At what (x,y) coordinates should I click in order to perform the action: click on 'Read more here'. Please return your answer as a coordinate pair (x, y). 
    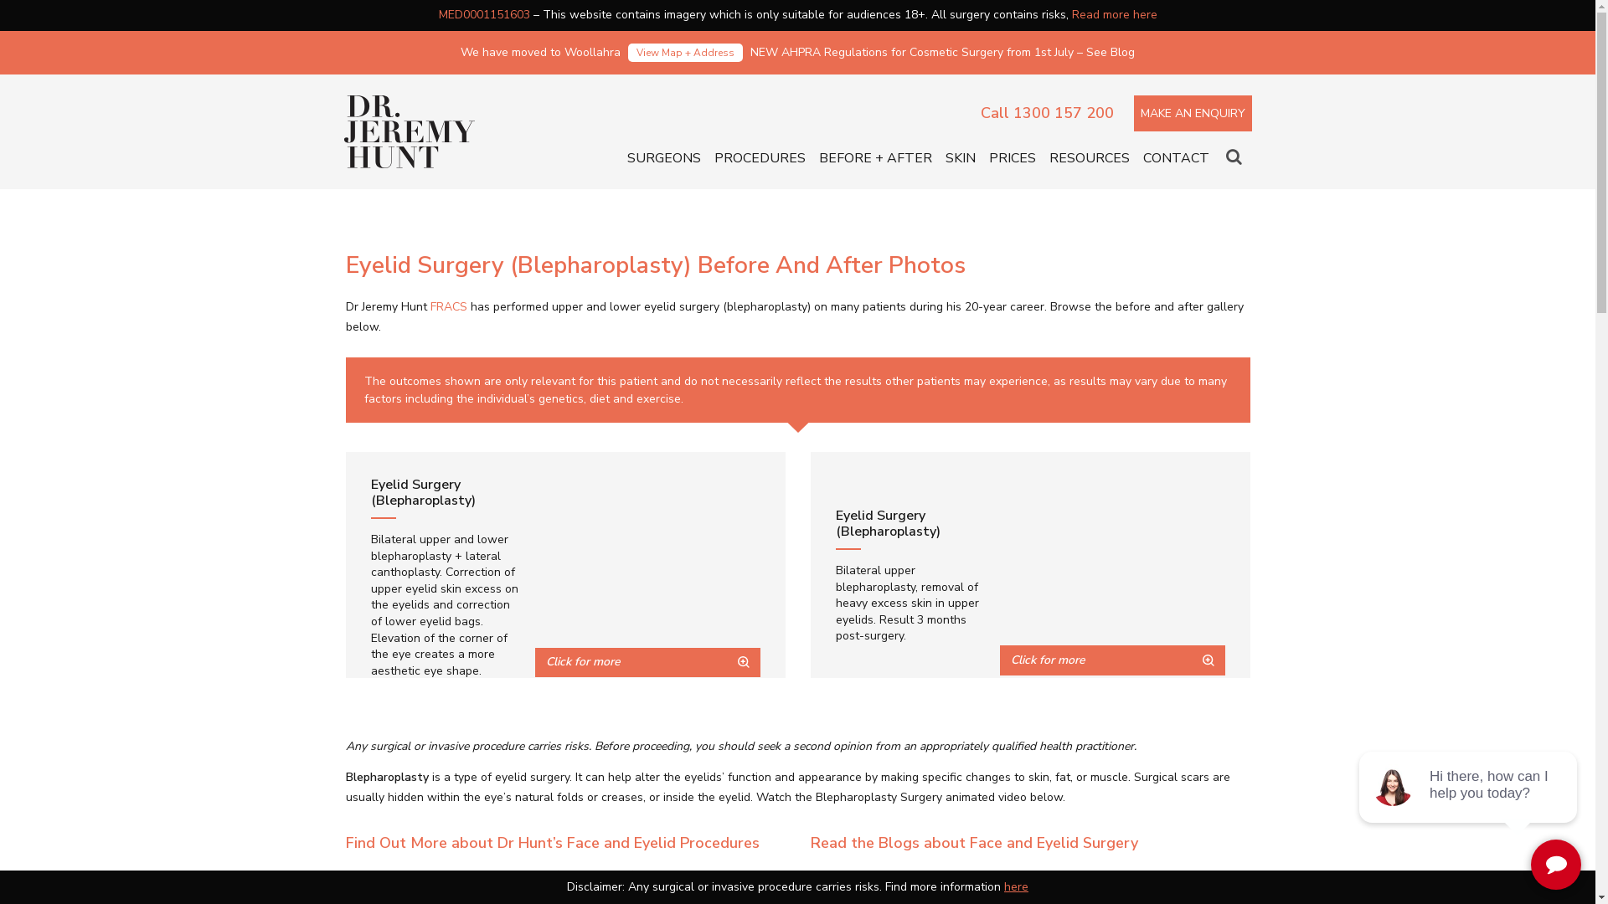
    Looking at the image, I should click on (1072, 14).